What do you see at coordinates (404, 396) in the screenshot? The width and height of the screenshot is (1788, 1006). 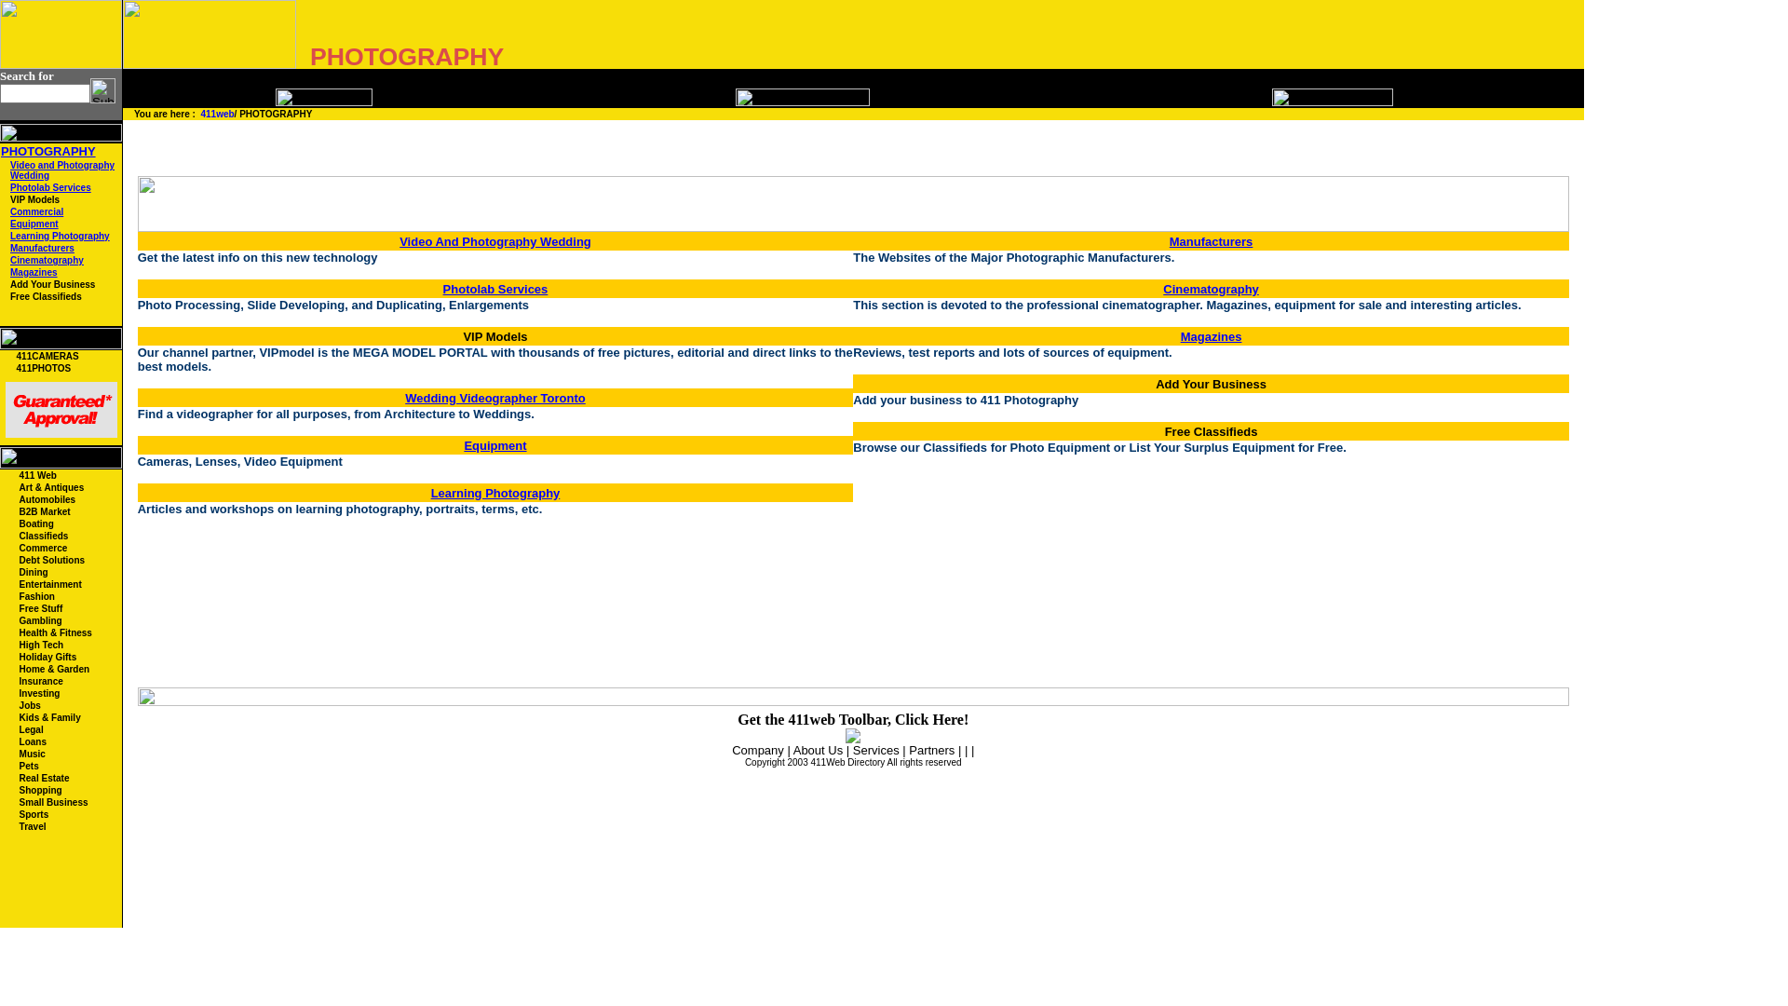 I see `'Wedding Videographer Toronto'` at bounding box center [404, 396].